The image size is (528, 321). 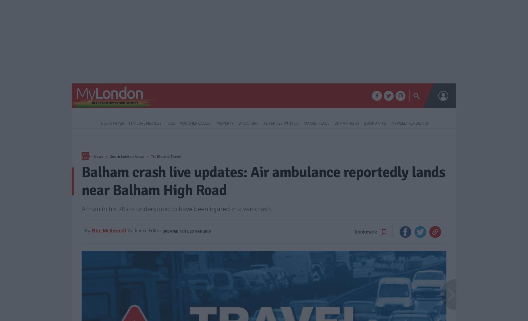 I want to click on 'By', so click(x=87, y=230).